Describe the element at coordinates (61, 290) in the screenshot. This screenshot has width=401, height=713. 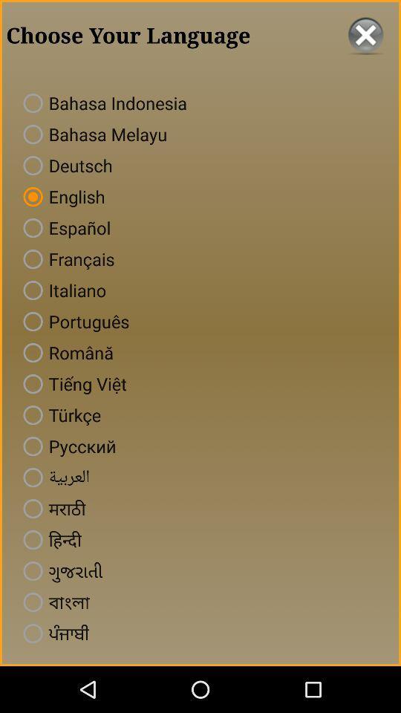
I see `the italiano` at that location.